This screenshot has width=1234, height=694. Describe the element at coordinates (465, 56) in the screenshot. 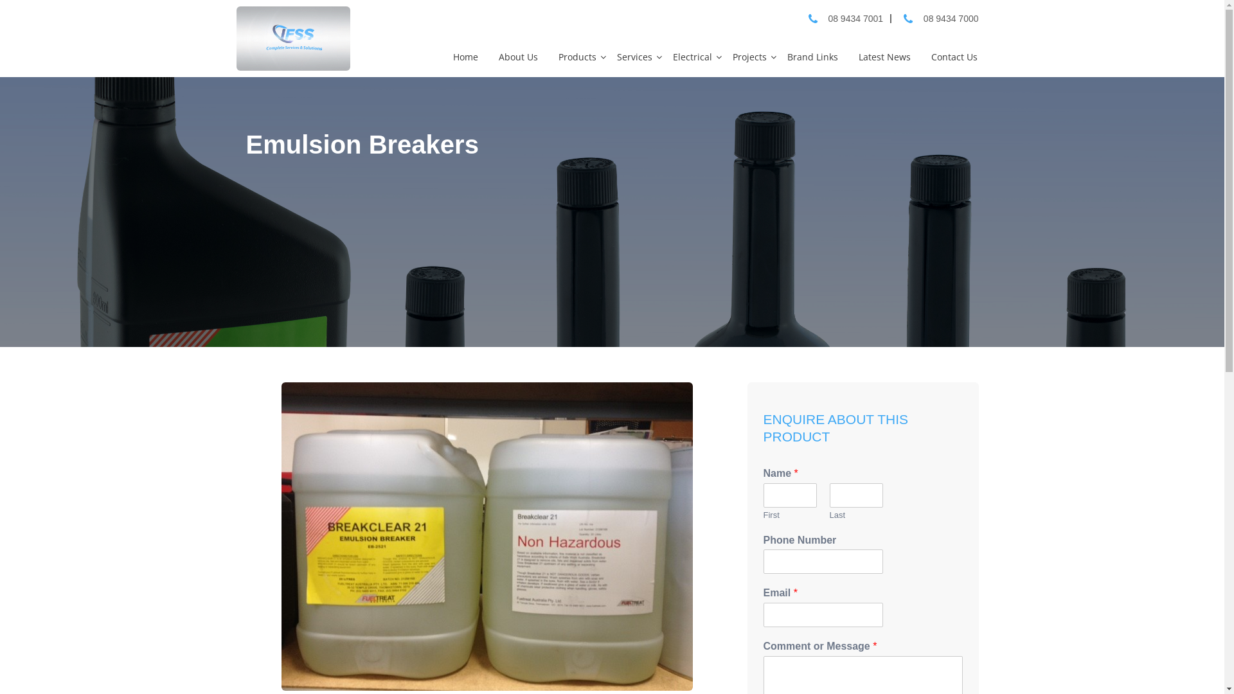

I see `'Home'` at that location.